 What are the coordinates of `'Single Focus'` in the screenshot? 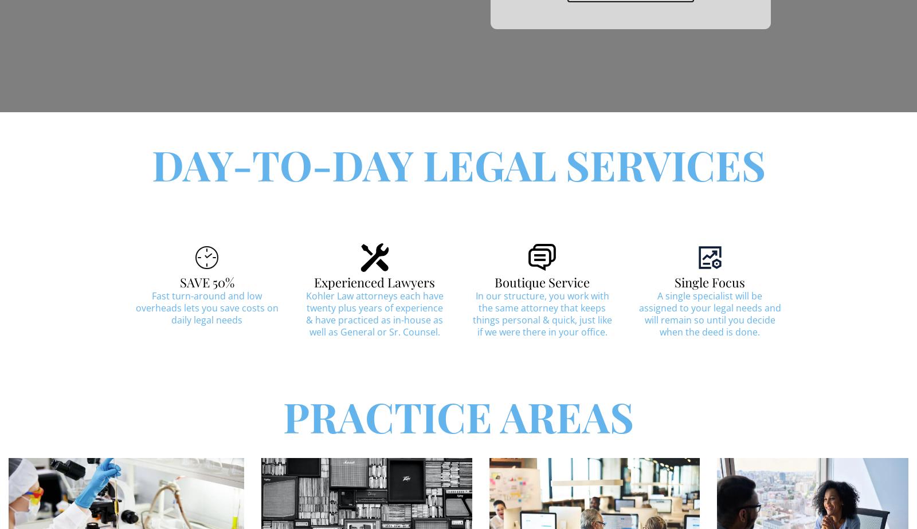 It's located at (709, 281).